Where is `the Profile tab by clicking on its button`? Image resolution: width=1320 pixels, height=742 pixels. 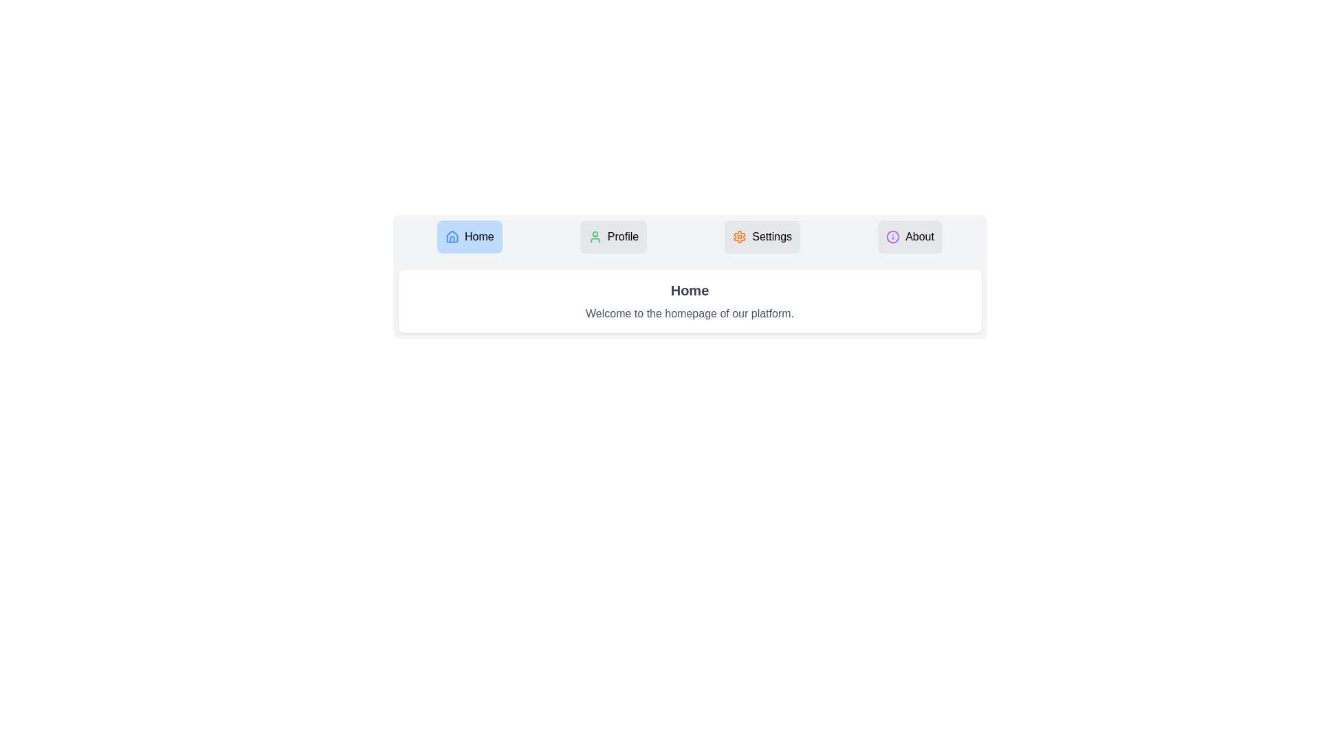 the Profile tab by clicking on its button is located at coordinates (613, 236).